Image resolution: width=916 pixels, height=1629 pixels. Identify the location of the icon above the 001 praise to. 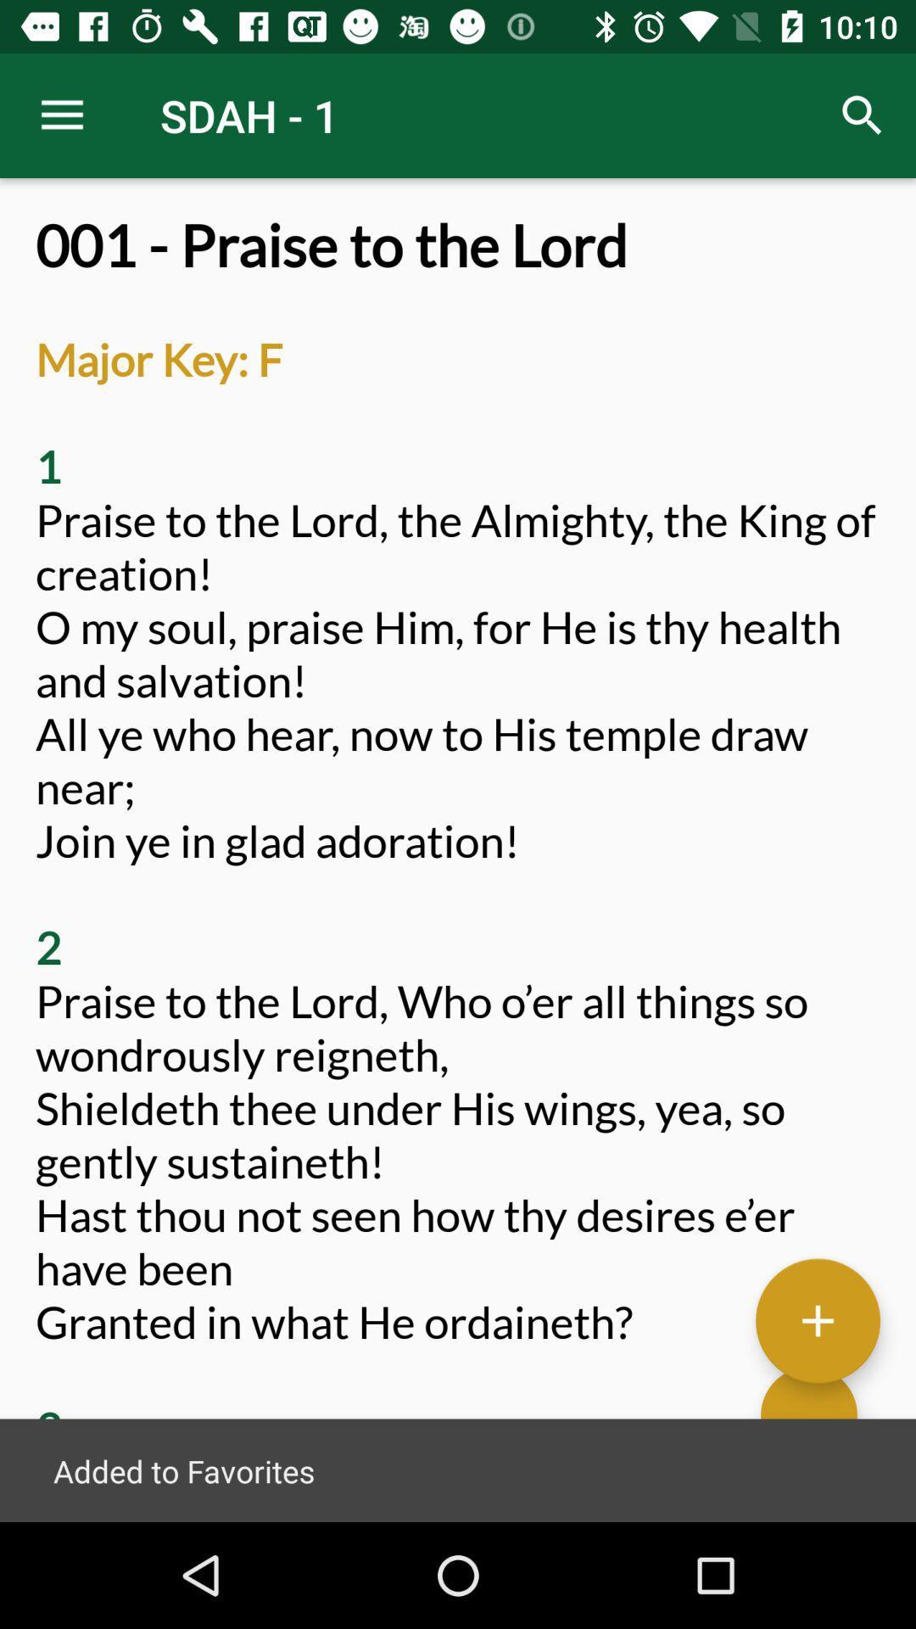
(61, 115).